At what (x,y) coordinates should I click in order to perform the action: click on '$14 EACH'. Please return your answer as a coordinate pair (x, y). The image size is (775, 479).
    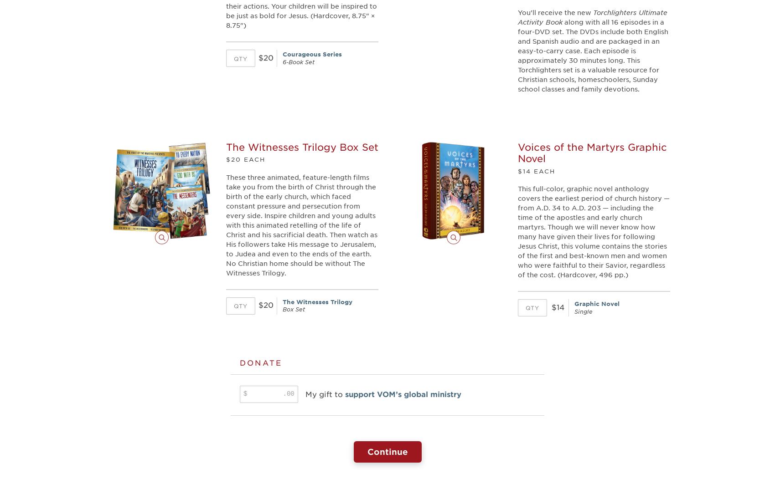
    Looking at the image, I should click on (536, 171).